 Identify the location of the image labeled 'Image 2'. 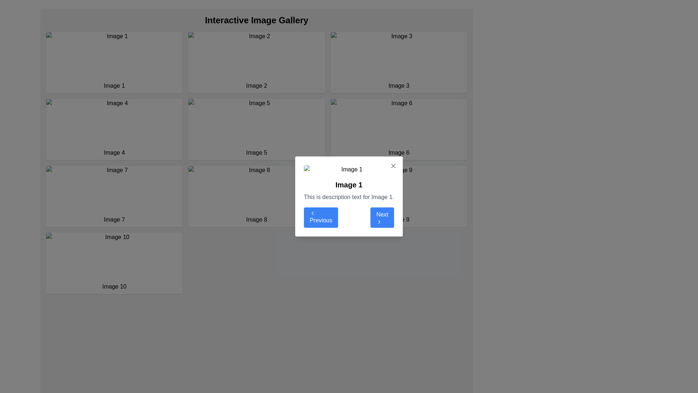
(256, 55).